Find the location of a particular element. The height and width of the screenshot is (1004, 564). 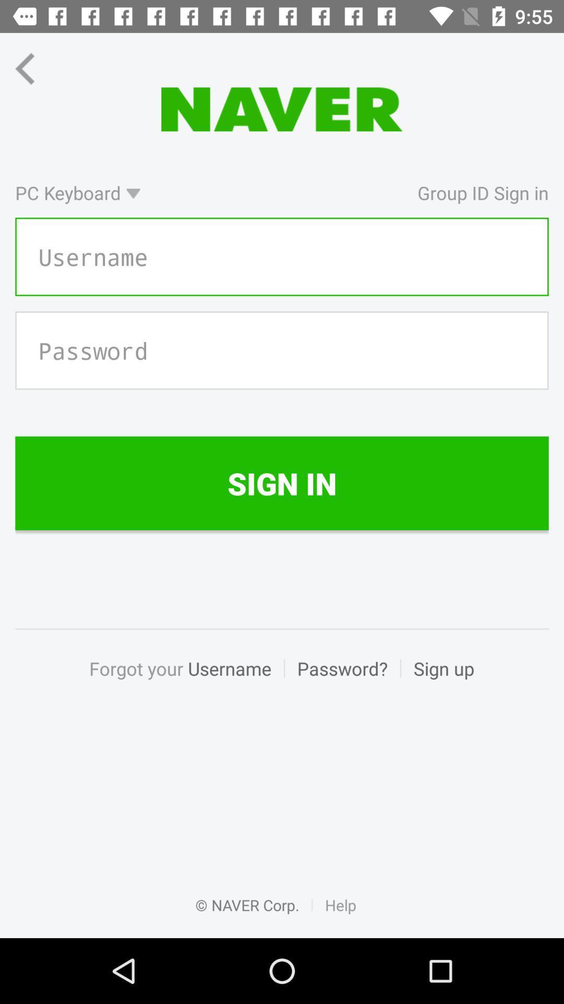

help is located at coordinates (340, 916).